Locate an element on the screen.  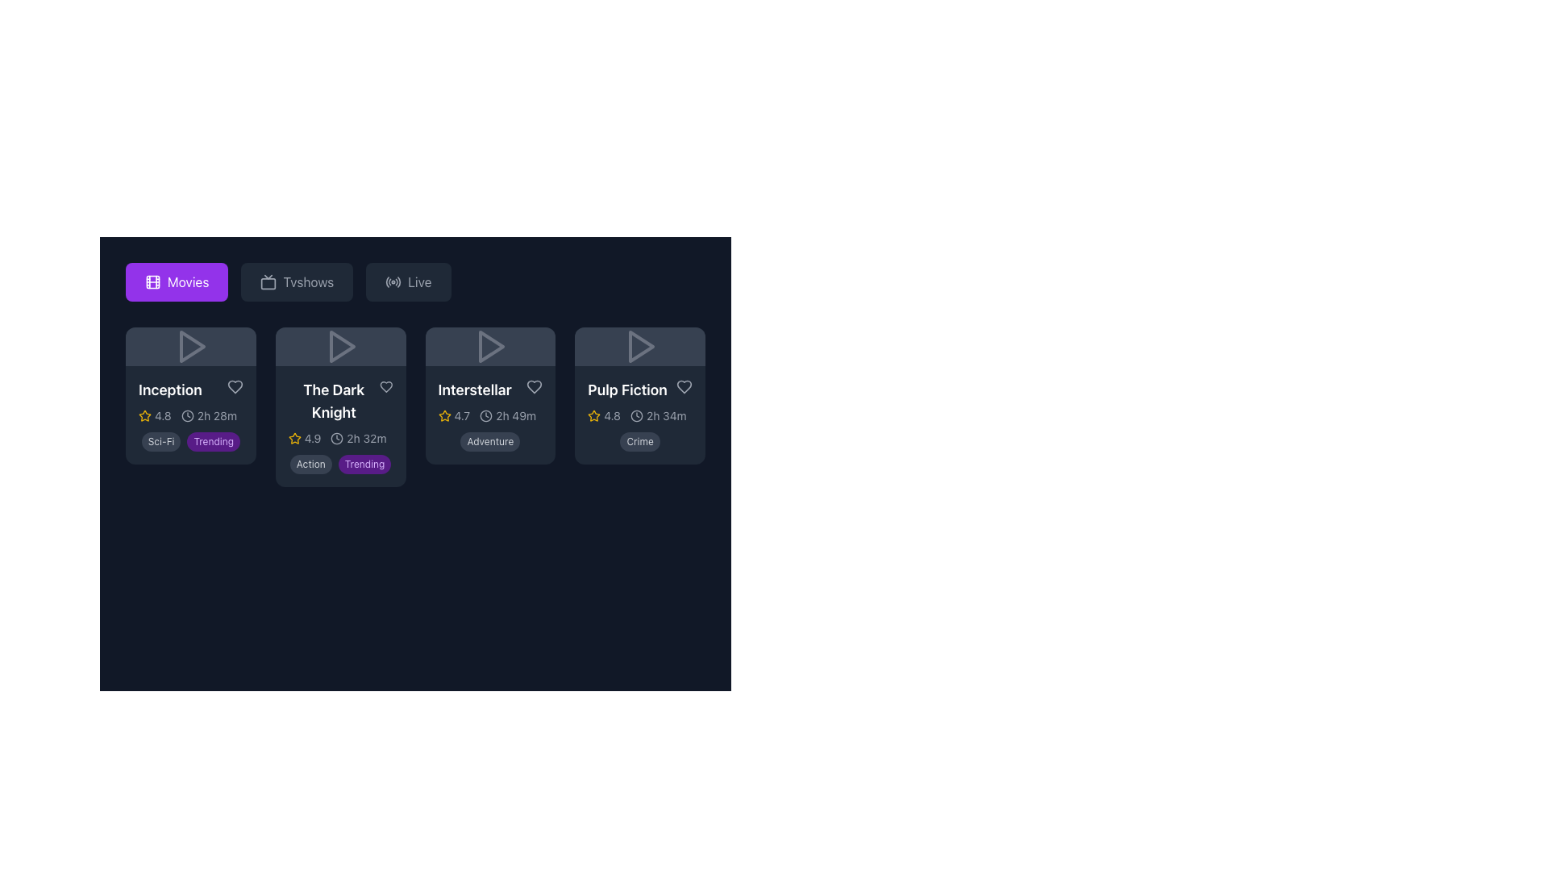
the triangular play icon located in the upper-central region of the card labeled 'The Dark Knight' to play the content is located at coordinates (341, 345).